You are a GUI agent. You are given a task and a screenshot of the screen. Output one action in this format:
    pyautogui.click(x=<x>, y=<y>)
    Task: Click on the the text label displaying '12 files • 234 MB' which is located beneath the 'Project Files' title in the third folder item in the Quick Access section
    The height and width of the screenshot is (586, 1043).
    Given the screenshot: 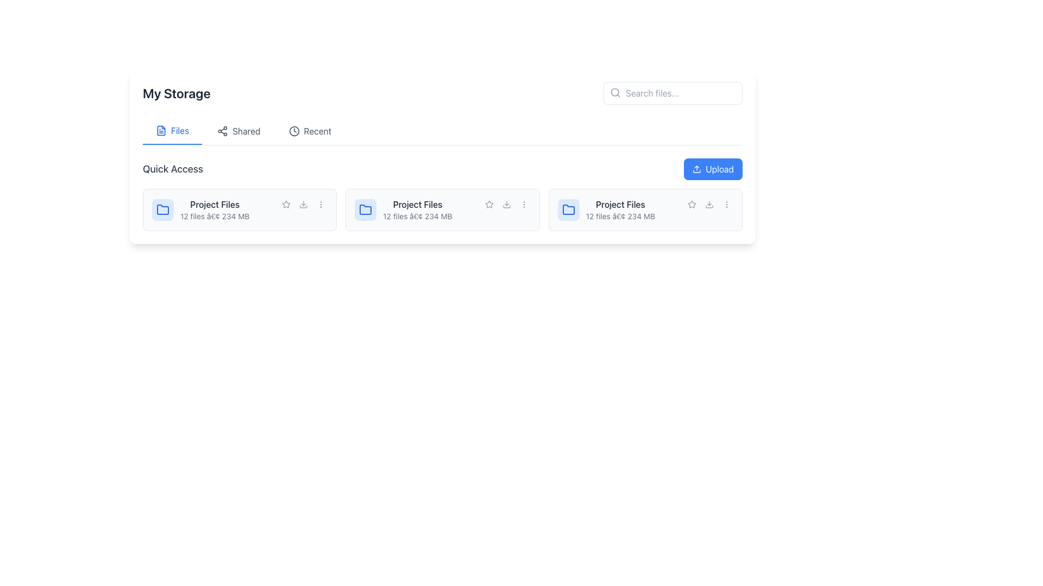 What is the action you would take?
    pyautogui.click(x=620, y=216)
    